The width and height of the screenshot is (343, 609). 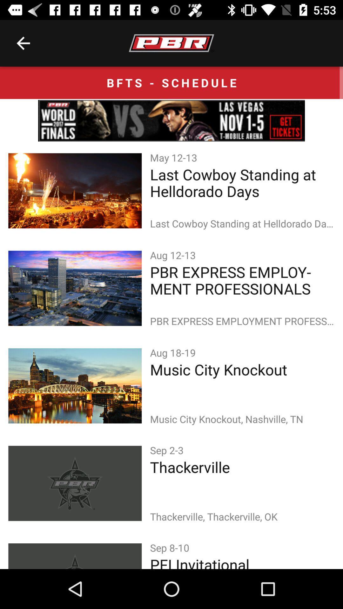 What do you see at coordinates (171, 82) in the screenshot?
I see `the bfts - schedule` at bounding box center [171, 82].